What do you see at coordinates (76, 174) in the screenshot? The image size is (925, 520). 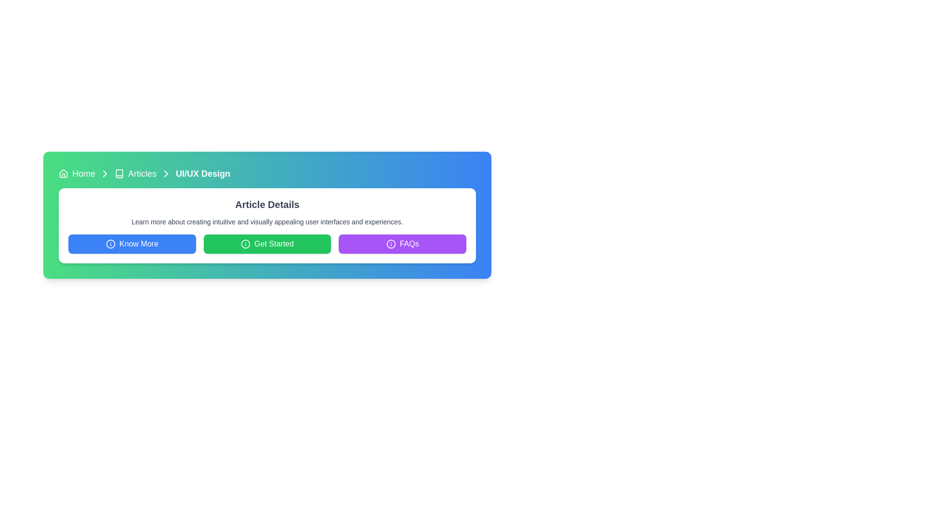 I see `the 'Home' breadcrumb navigation step to underline the text, which is the first item in the breadcrumb navigation bar located at the leftmost side` at bounding box center [76, 174].